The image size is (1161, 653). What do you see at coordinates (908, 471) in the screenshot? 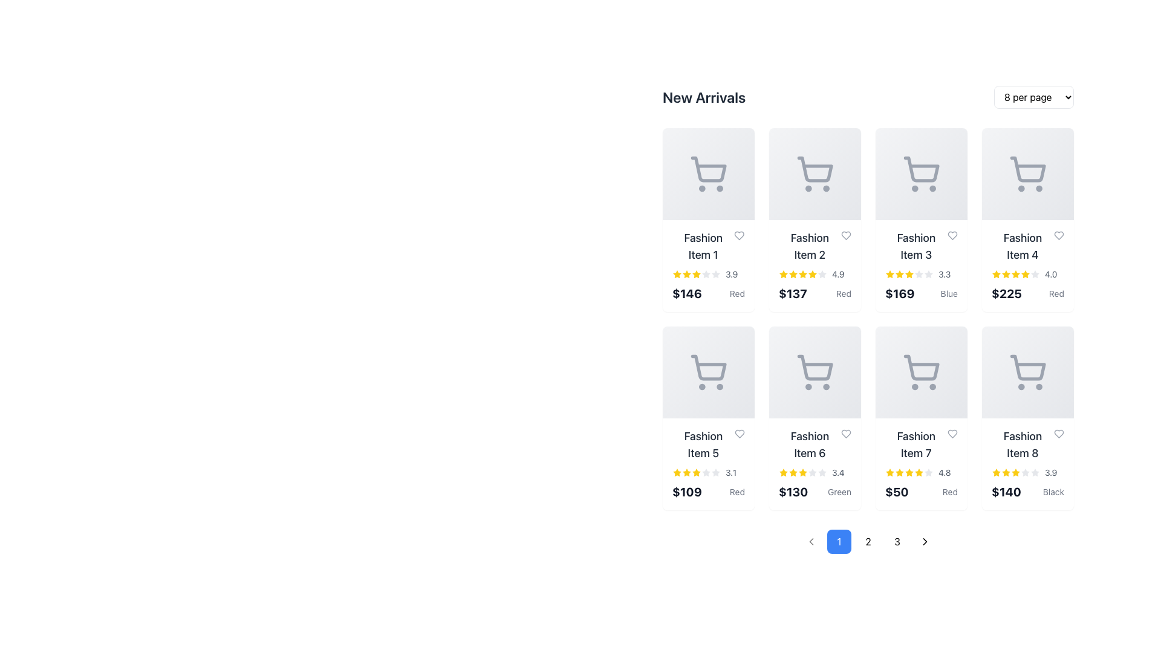
I see `the filled star-shaped icon used for rating associated with 'Fashion Item 7', which is the fourth star in a row of five-star rating icons` at bounding box center [908, 471].